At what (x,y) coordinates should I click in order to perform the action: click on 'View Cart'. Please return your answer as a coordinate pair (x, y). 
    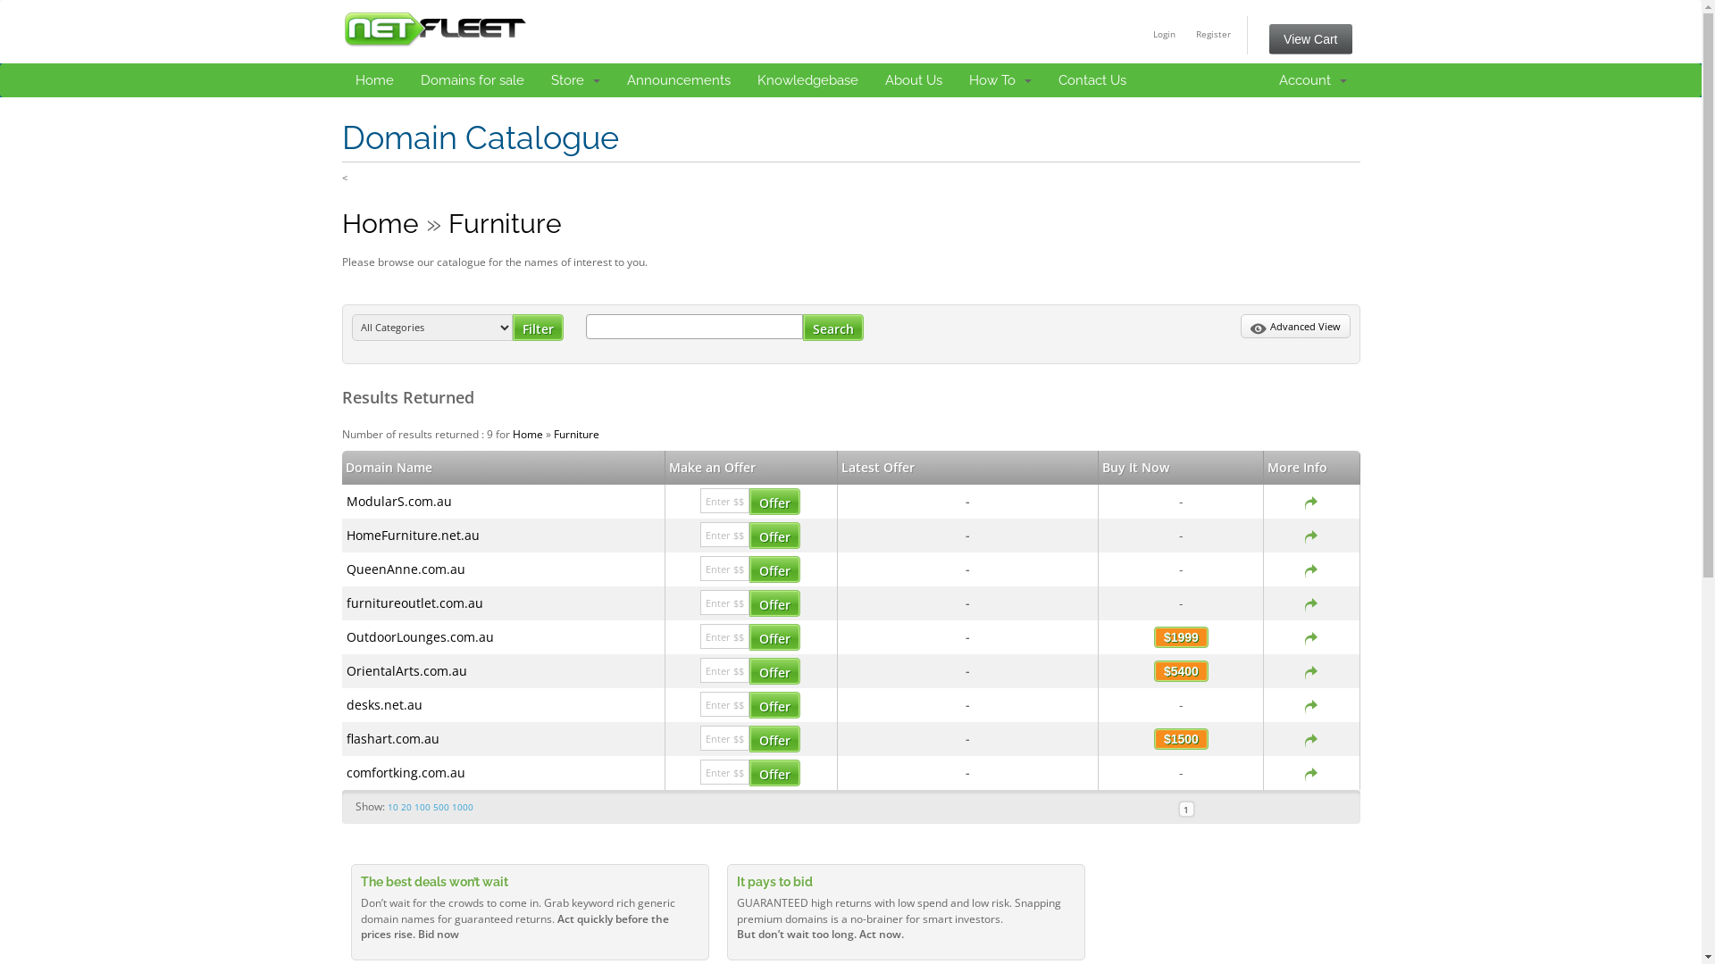
    Looking at the image, I should click on (1267, 38).